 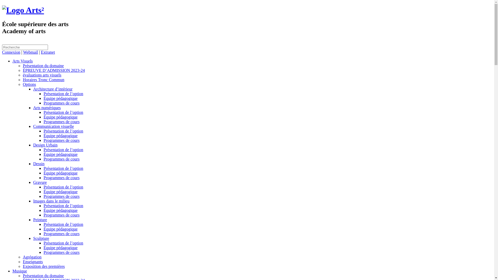 I want to click on 'Musique', so click(x=12, y=271).